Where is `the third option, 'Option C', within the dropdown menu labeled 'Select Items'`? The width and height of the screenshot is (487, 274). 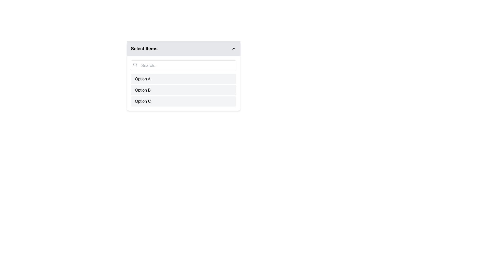
the third option, 'Option C', within the dropdown menu labeled 'Select Items' is located at coordinates (143, 101).